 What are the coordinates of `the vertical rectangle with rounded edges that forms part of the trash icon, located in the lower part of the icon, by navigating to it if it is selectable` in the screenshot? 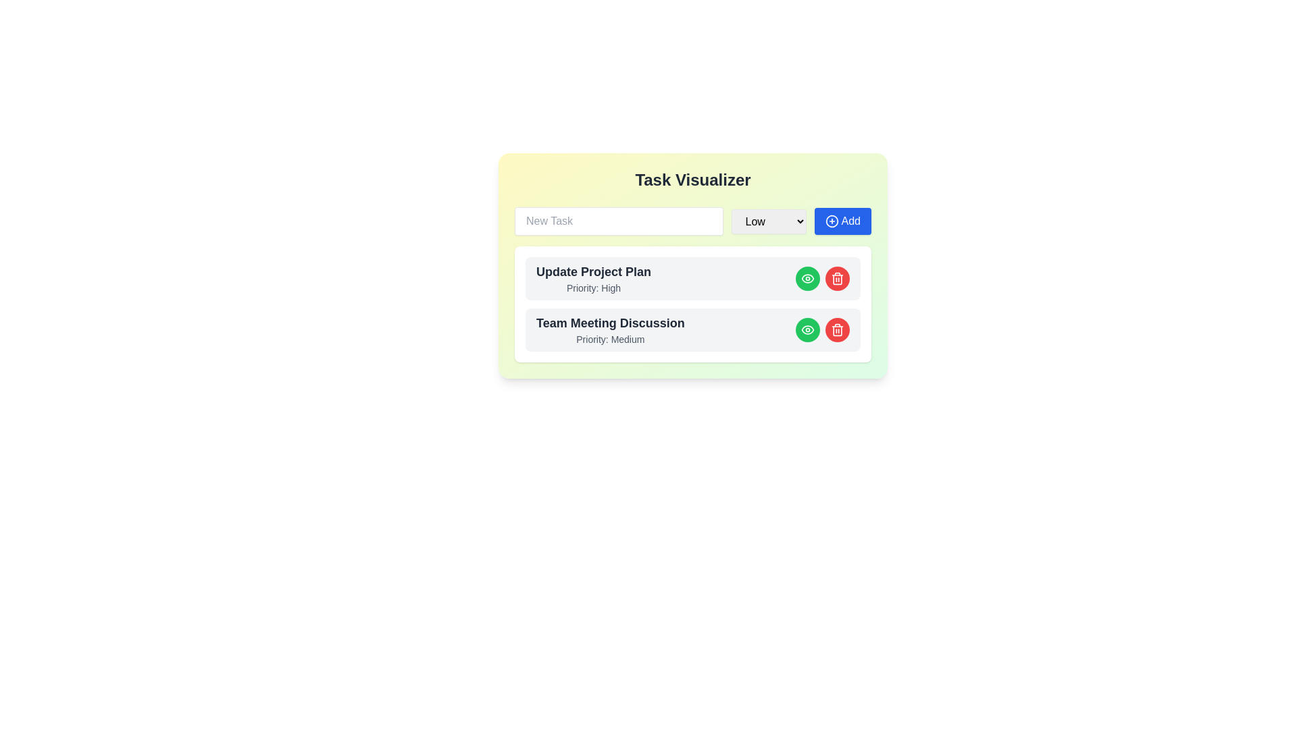 It's located at (836, 278).